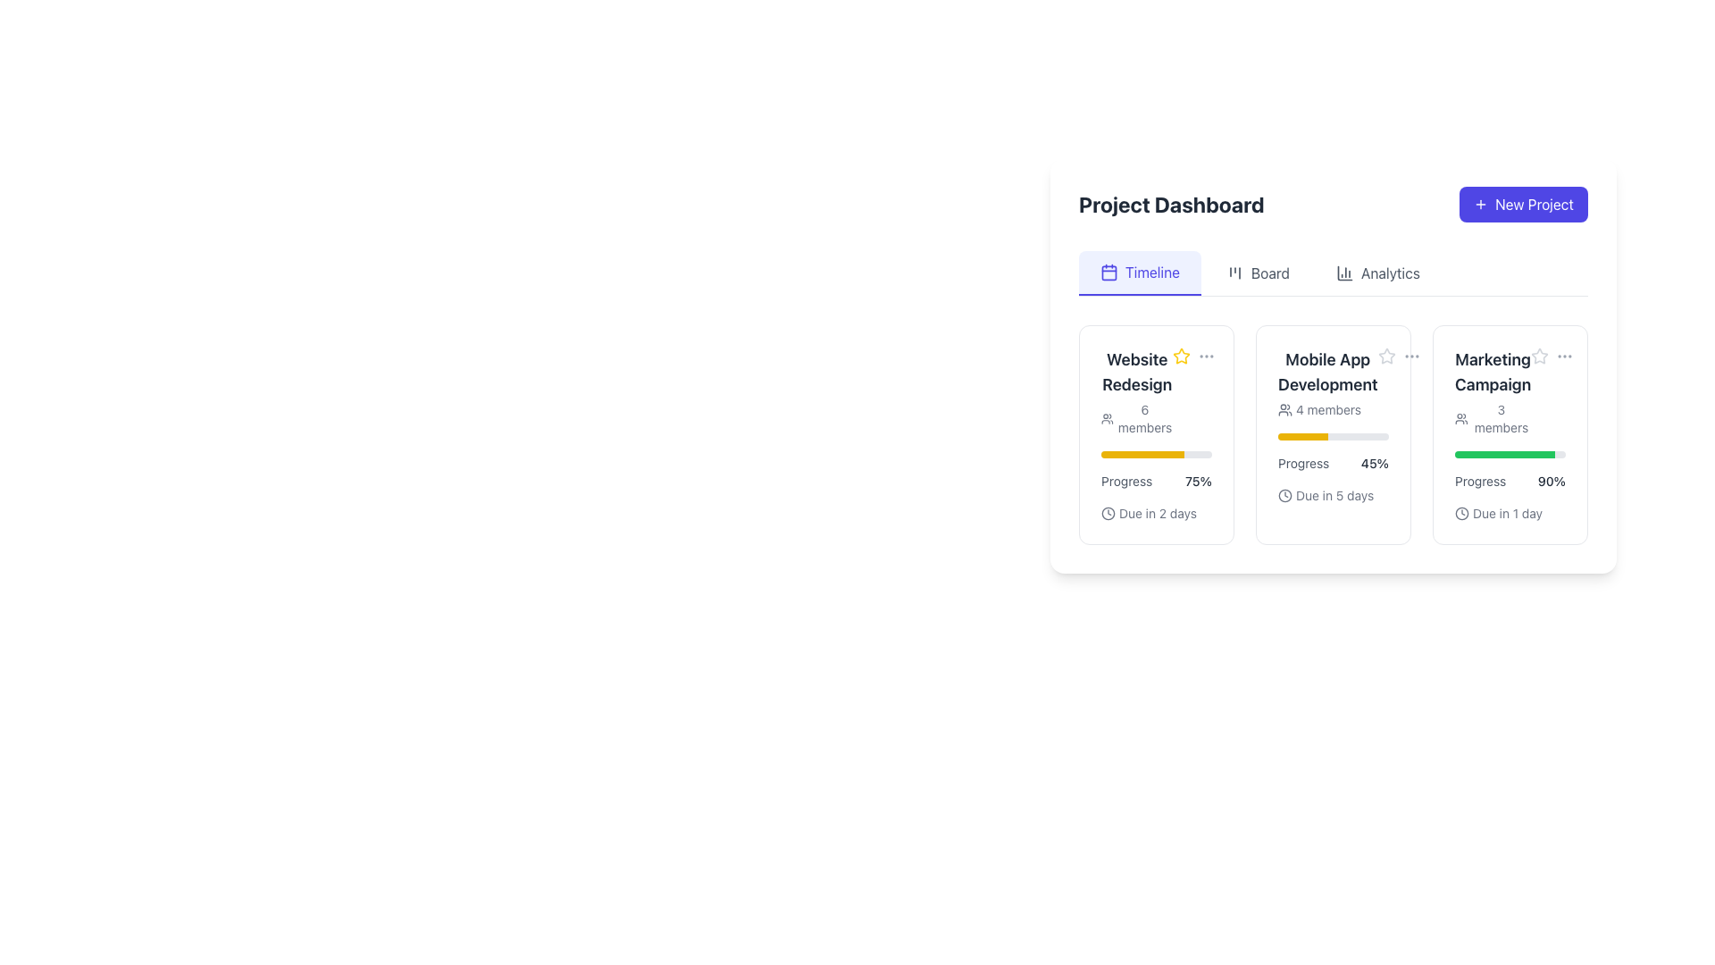  What do you see at coordinates (1509, 513) in the screenshot?
I see `information displayed in the Text Label with an Icon that indicates a deadline, showing 'Due in 1 day'` at bounding box center [1509, 513].